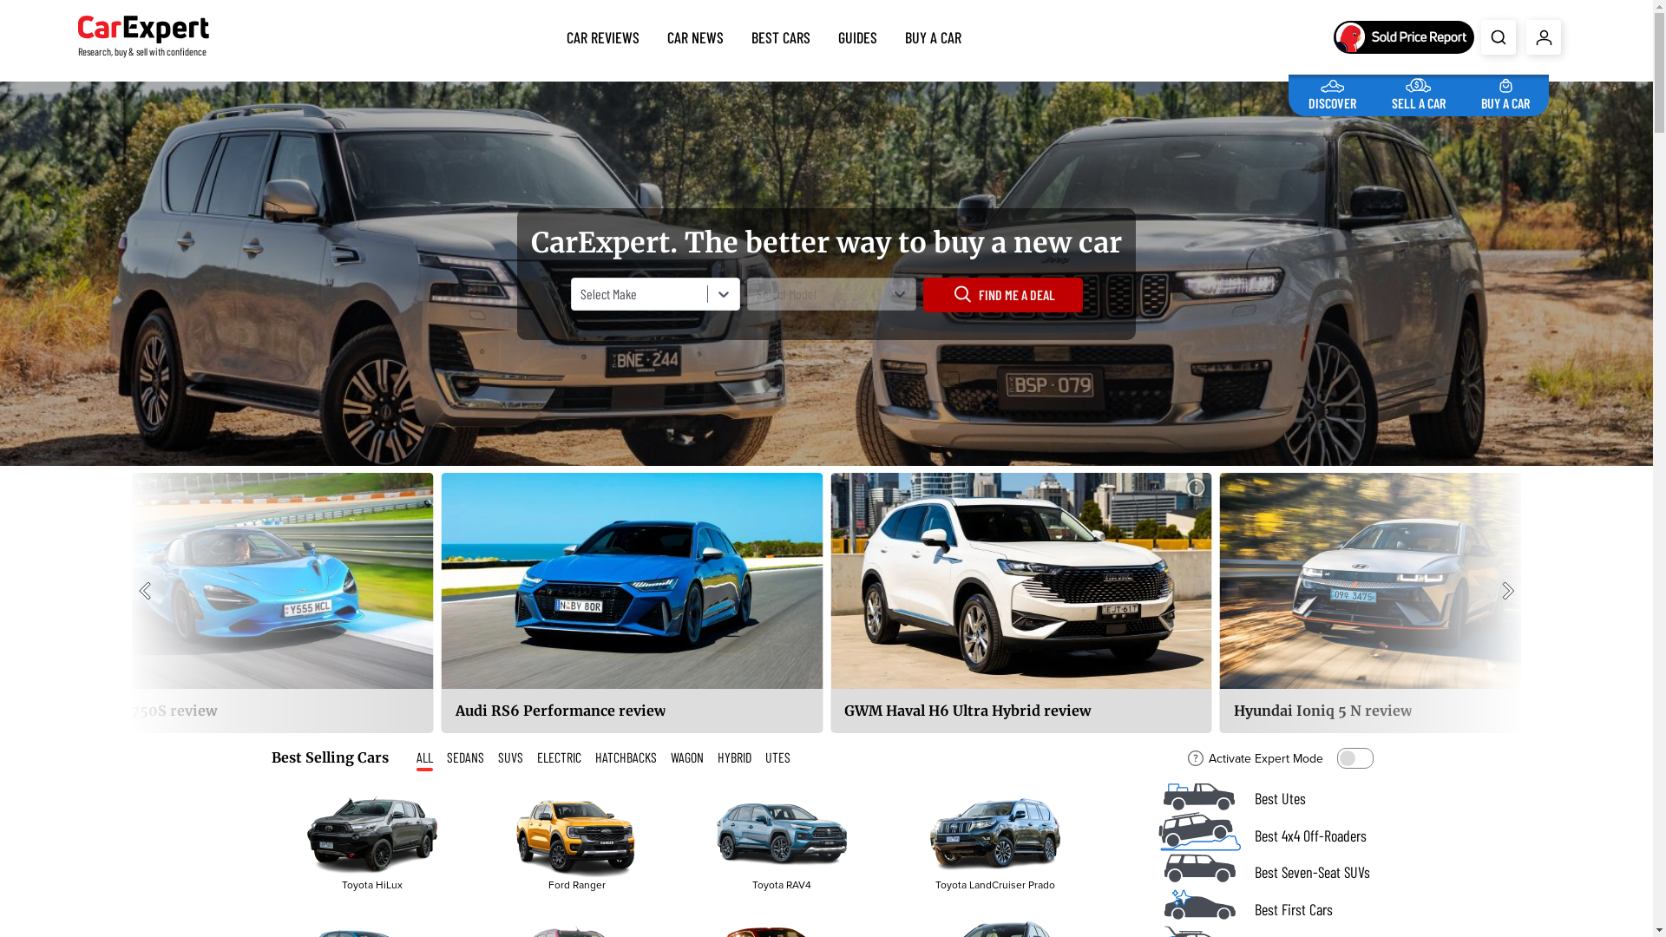 This screenshot has height=937, width=1666. Describe the element at coordinates (575, 842) in the screenshot. I see `'Ford Ranger'` at that location.